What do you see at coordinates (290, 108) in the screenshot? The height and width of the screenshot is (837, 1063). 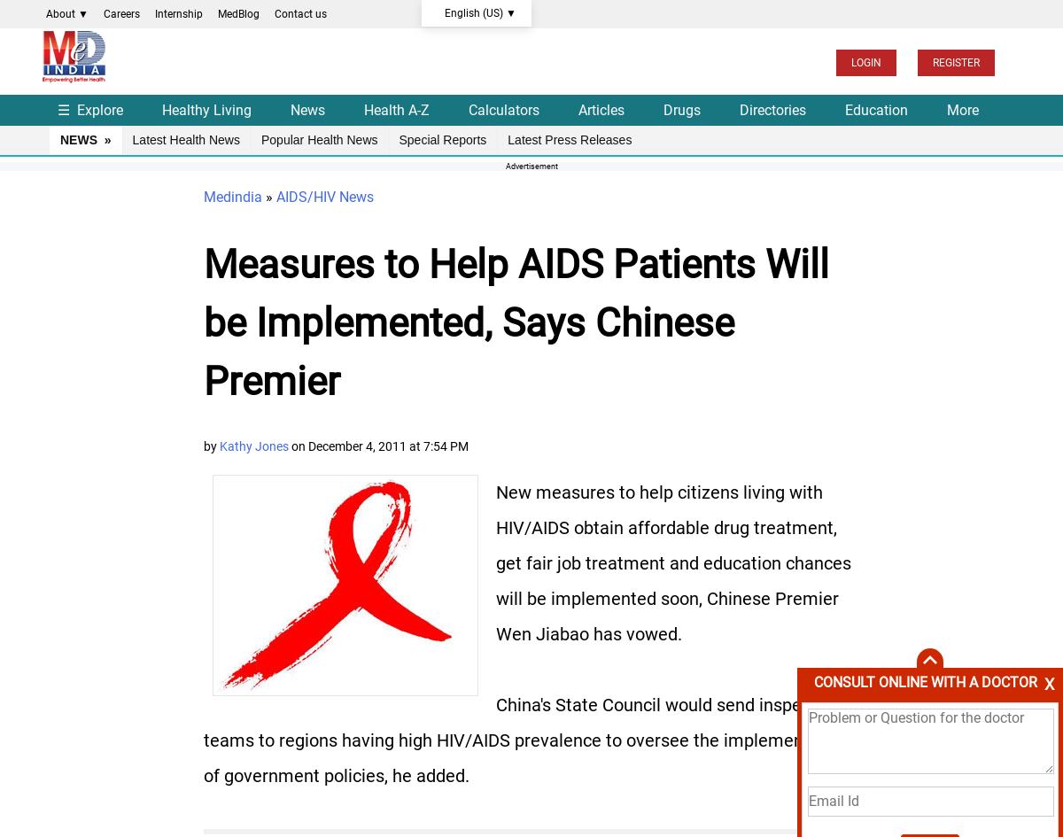 I see `'News'` at bounding box center [290, 108].